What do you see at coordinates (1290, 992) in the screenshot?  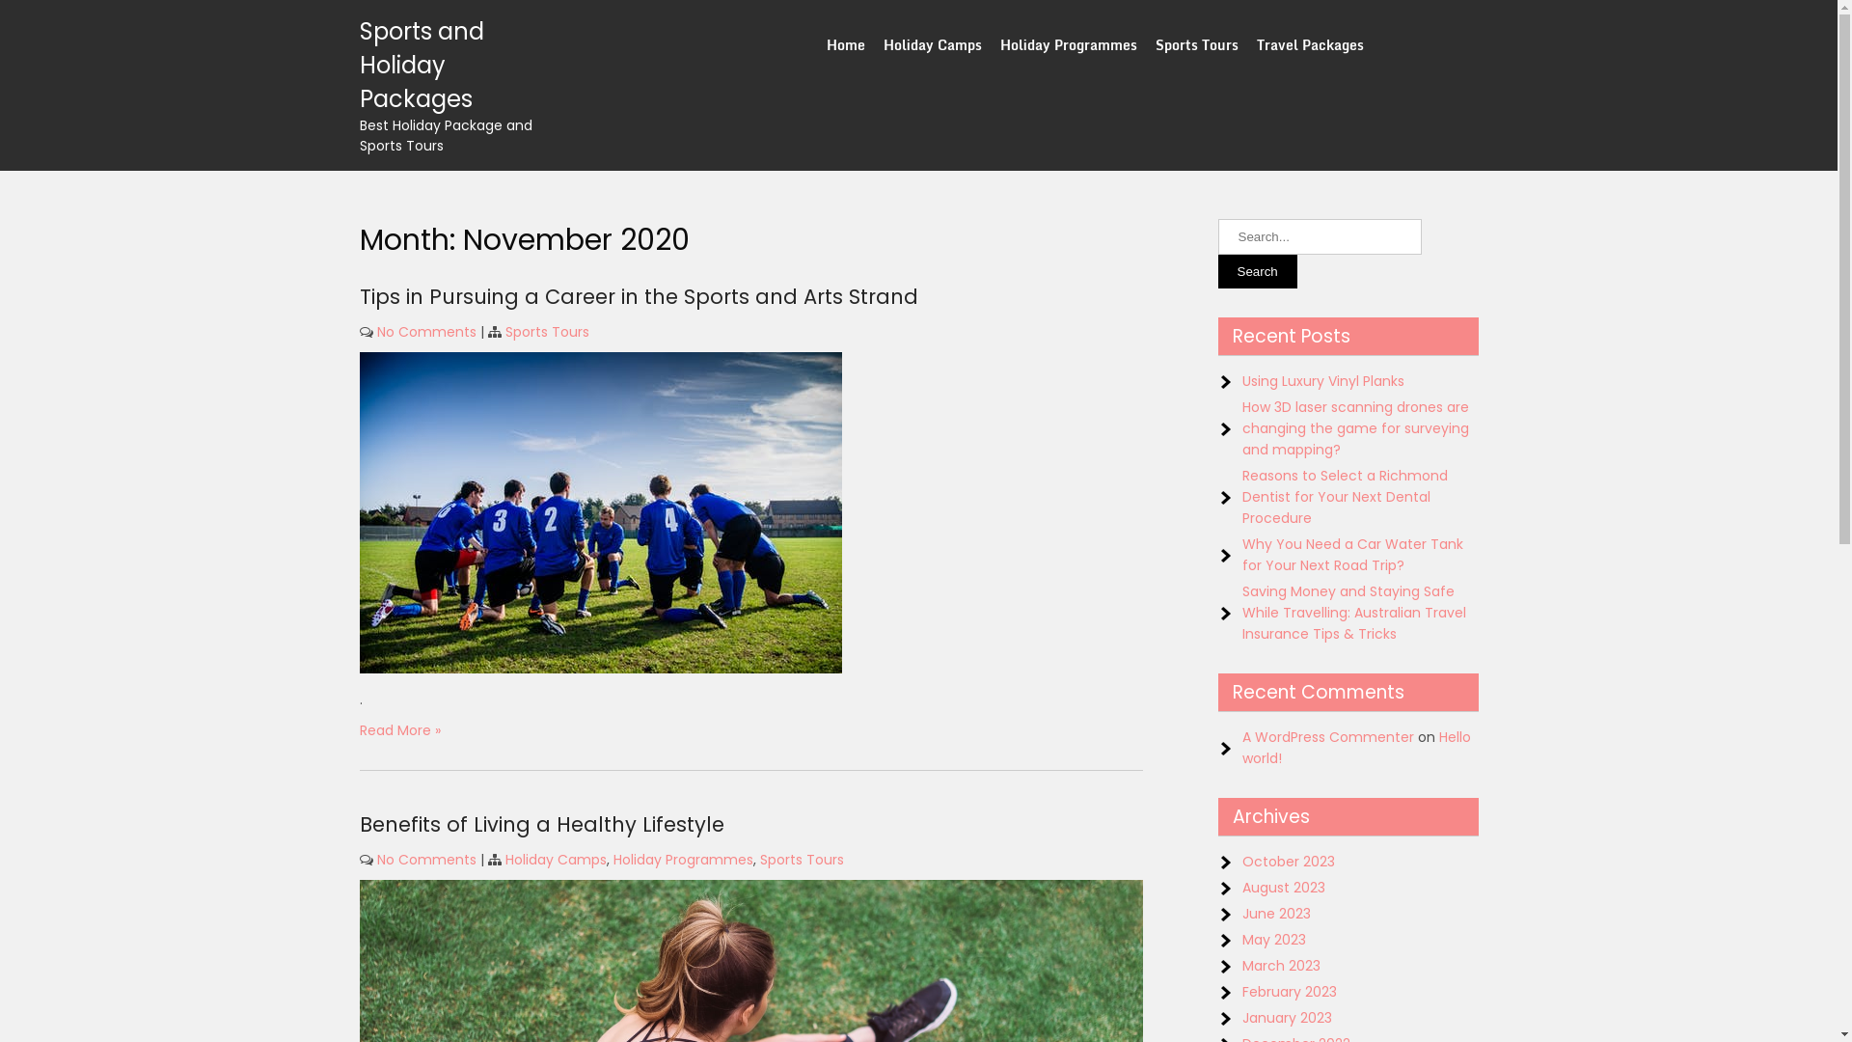 I see `'February 2023'` at bounding box center [1290, 992].